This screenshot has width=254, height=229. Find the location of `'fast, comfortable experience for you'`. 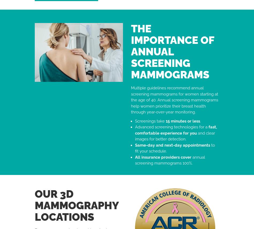

'fast, comfortable experience for you' is located at coordinates (176, 130).